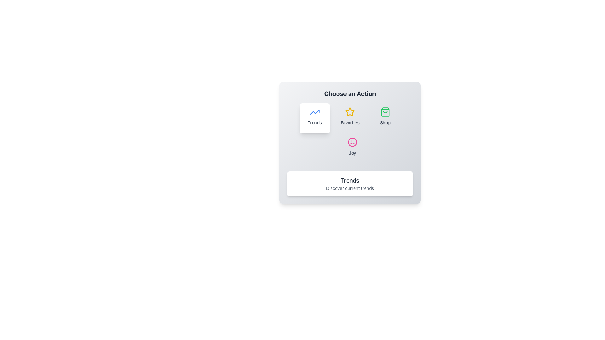 The height and width of the screenshot is (340, 605). Describe the element at coordinates (314, 122) in the screenshot. I see `the text label at the bottom of the square tile that indicates 'Trends', which is associated with the upward trending arrow icon above it` at that location.